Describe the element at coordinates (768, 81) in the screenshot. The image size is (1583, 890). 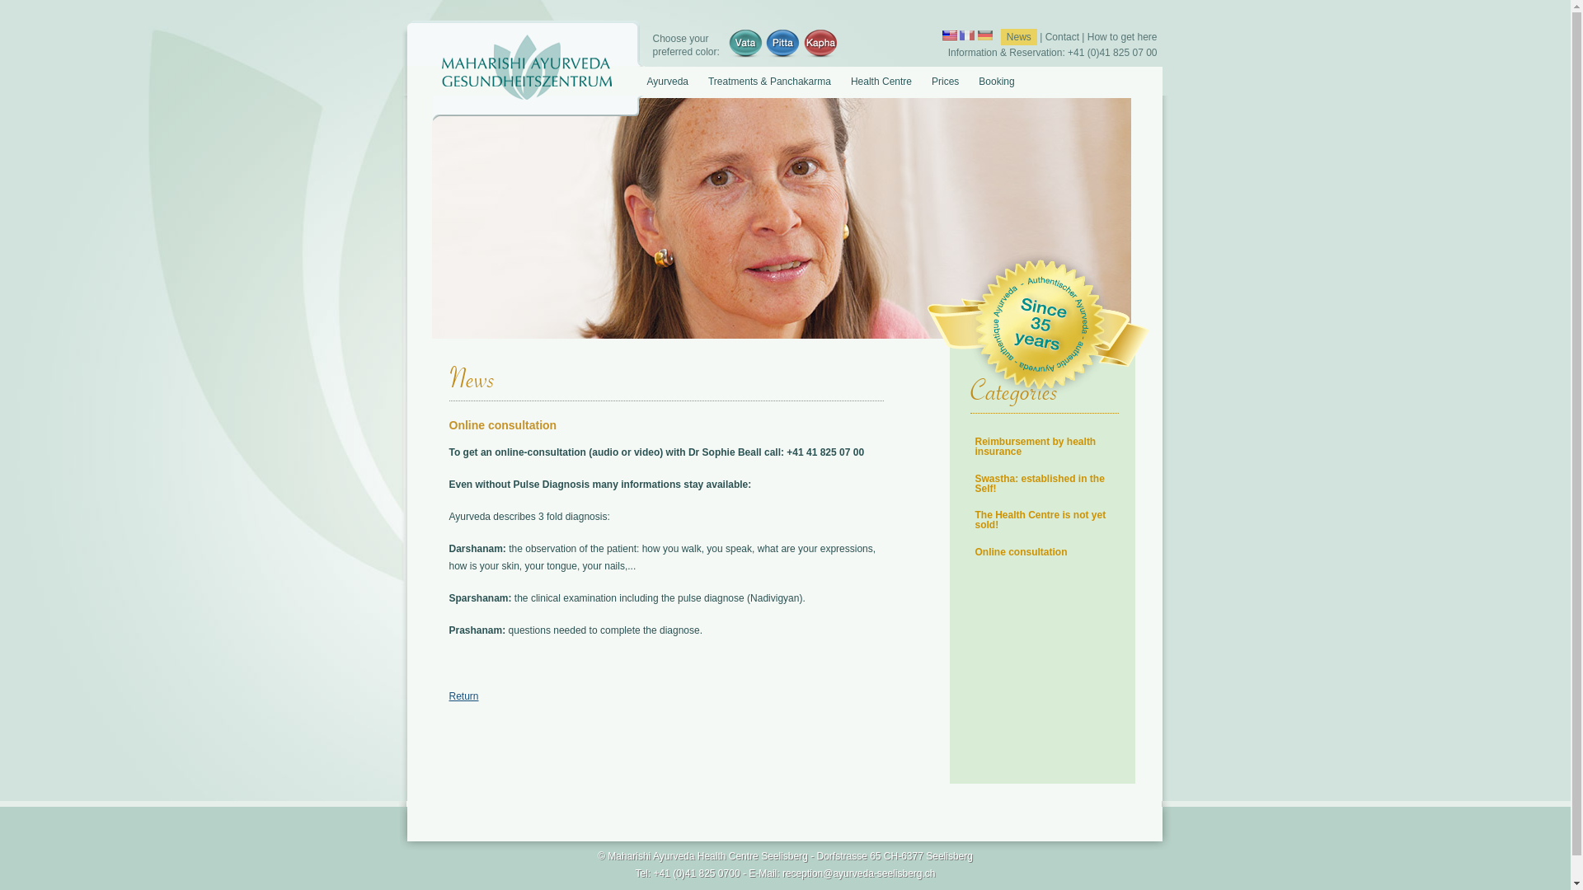
I see `'Treatments & Panchakarma'` at that location.